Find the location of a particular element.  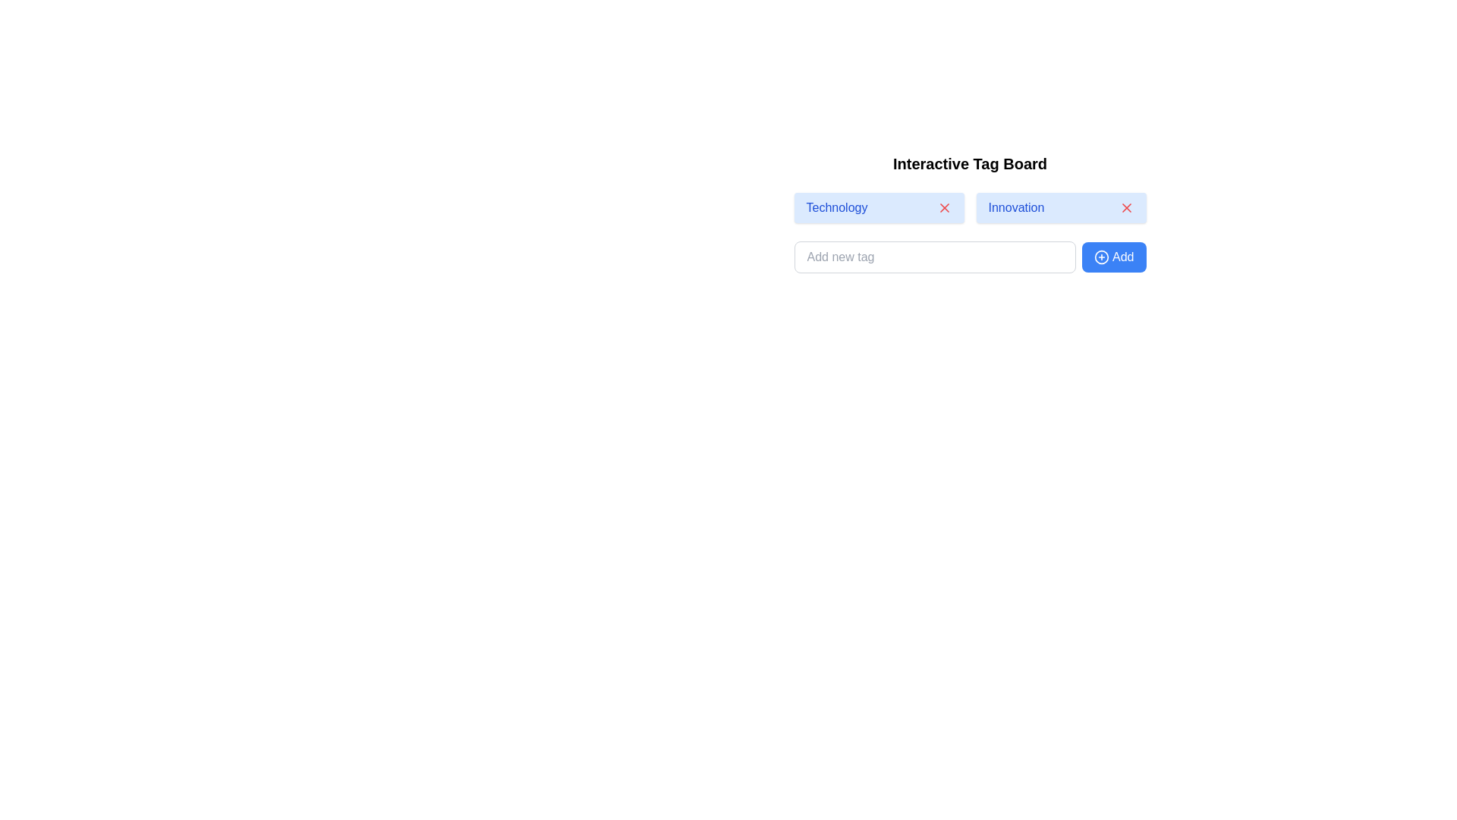

the 'Innovation' tag is located at coordinates (1060, 207).